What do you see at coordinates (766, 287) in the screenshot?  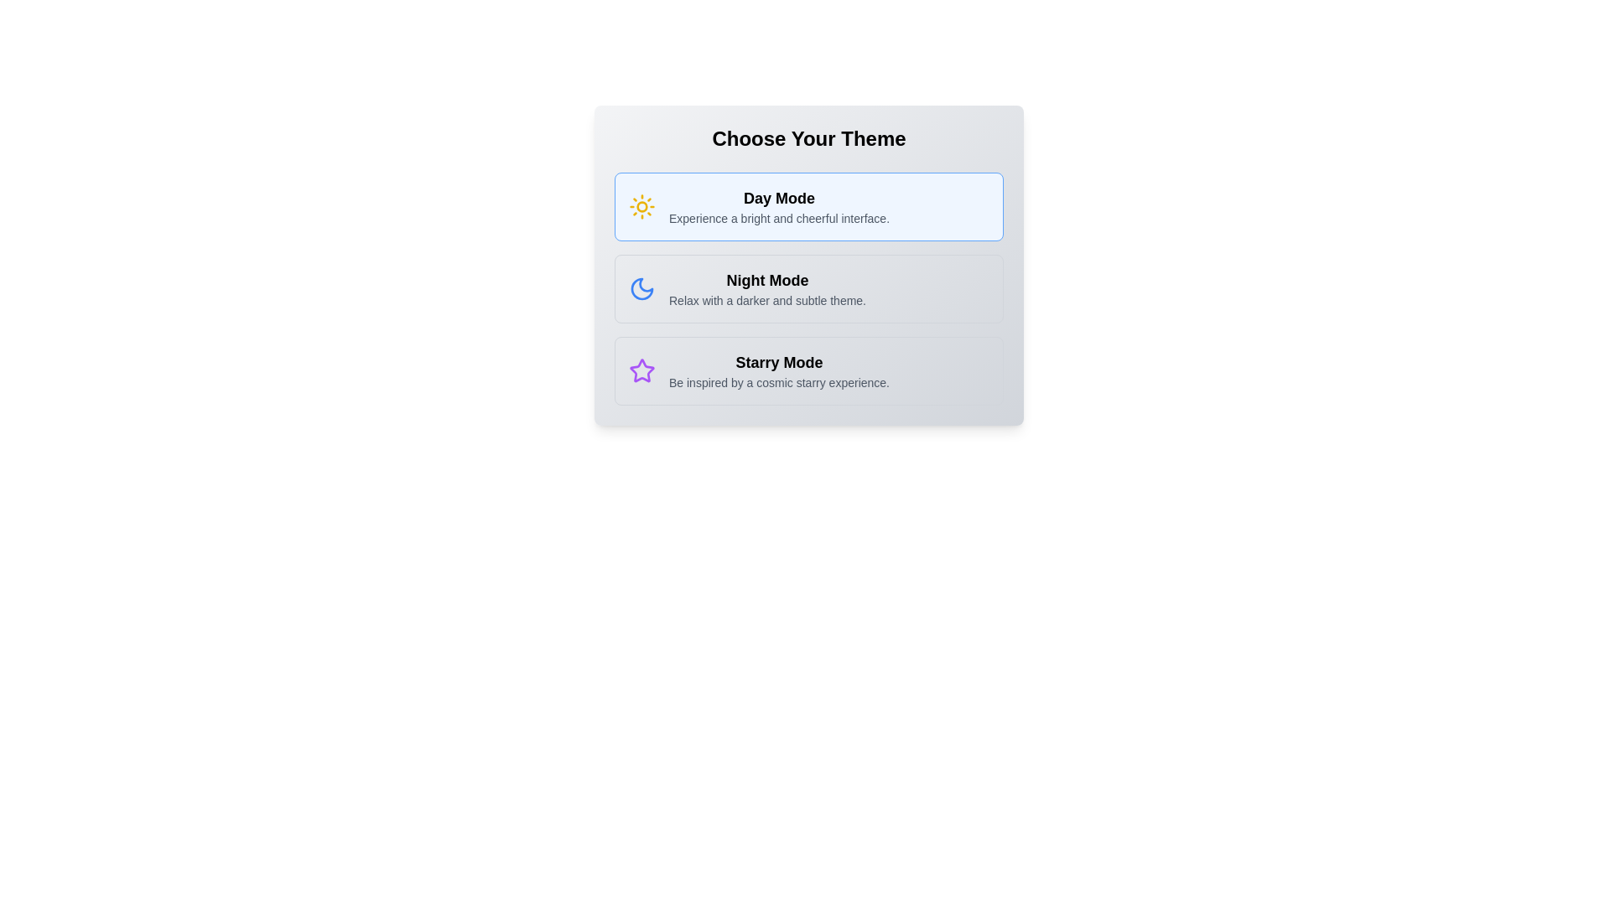 I see `the 'Night Mode' text block in the theme selection modal` at bounding box center [766, 287].